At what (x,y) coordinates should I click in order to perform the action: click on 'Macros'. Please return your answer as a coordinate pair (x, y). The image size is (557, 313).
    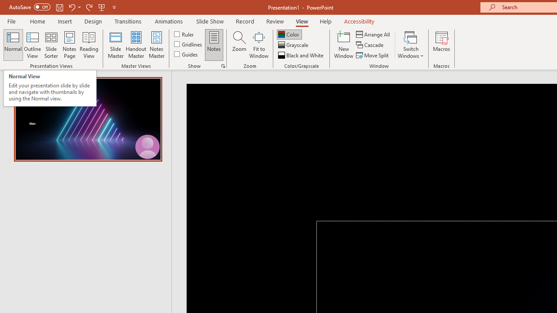
    Looking at the image, I should click on (442, 45).